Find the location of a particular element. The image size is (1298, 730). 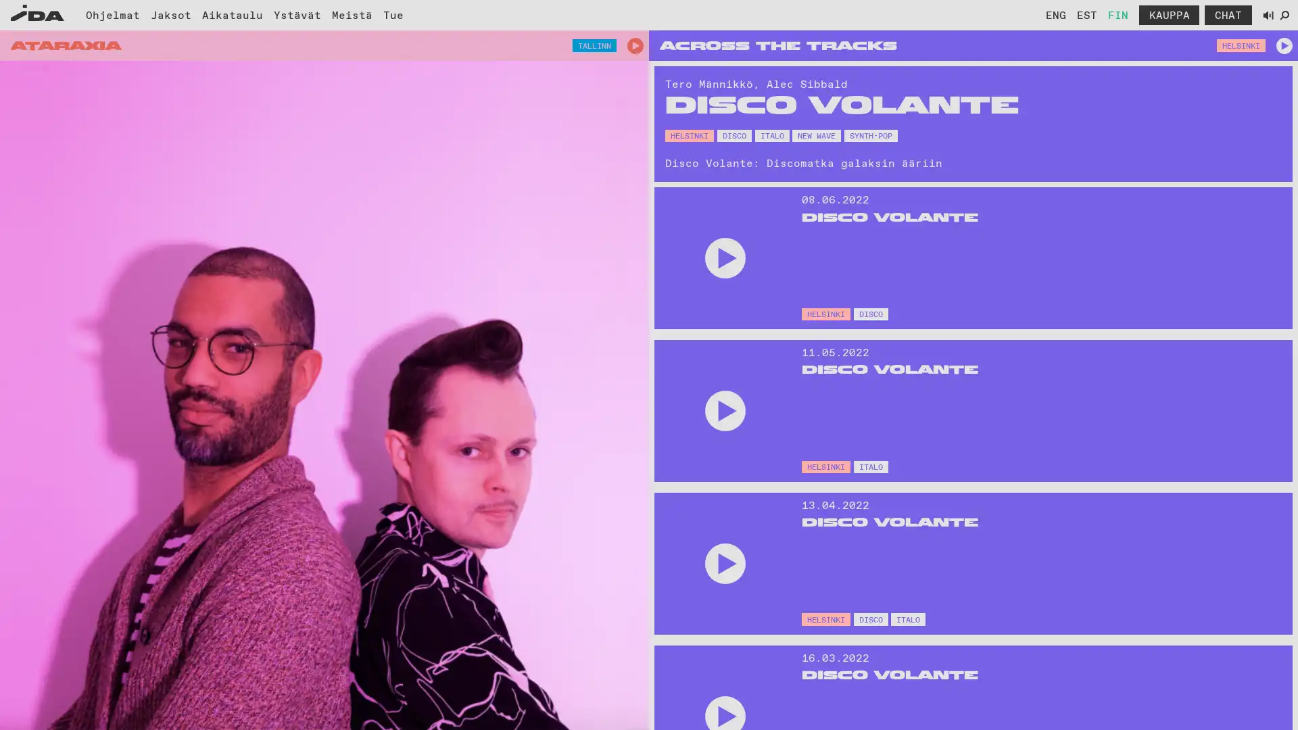

Play is located at coordinates (723, 258).